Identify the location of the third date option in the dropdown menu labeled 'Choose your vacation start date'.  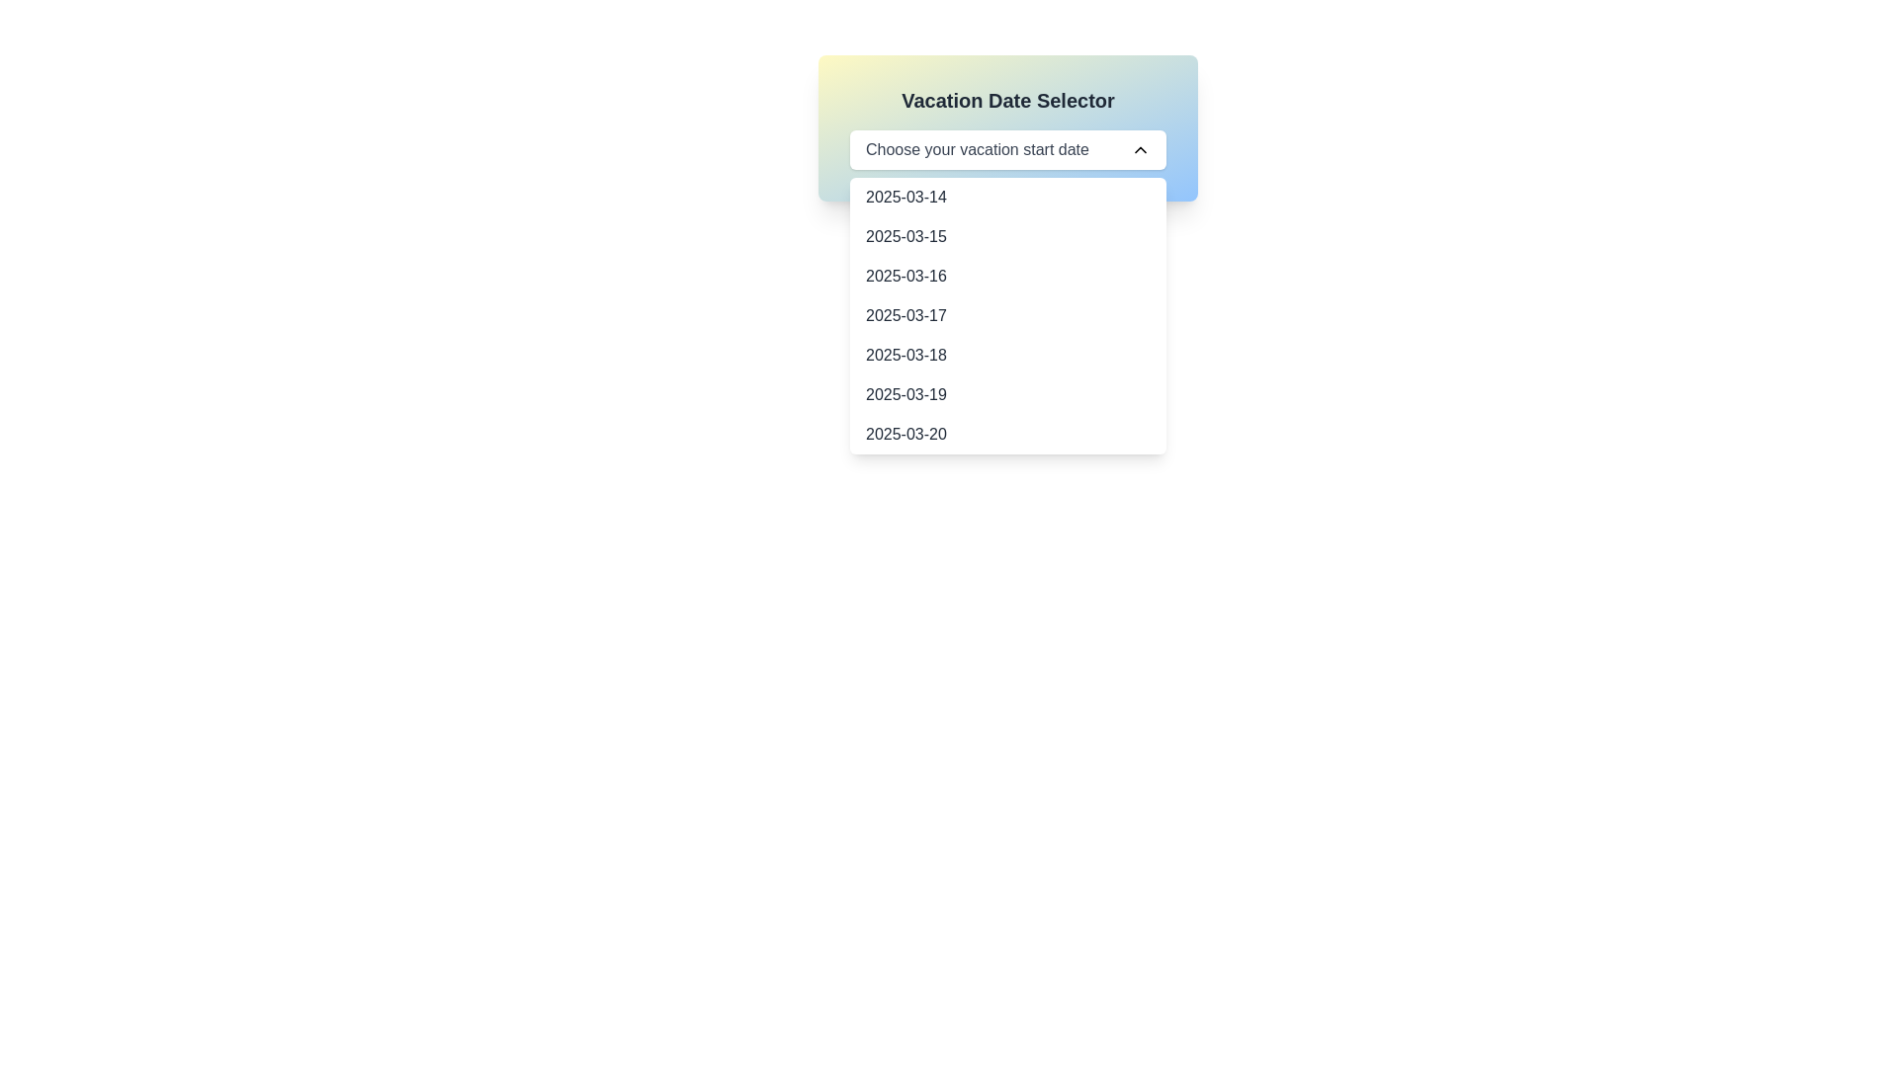
(1007, 277).